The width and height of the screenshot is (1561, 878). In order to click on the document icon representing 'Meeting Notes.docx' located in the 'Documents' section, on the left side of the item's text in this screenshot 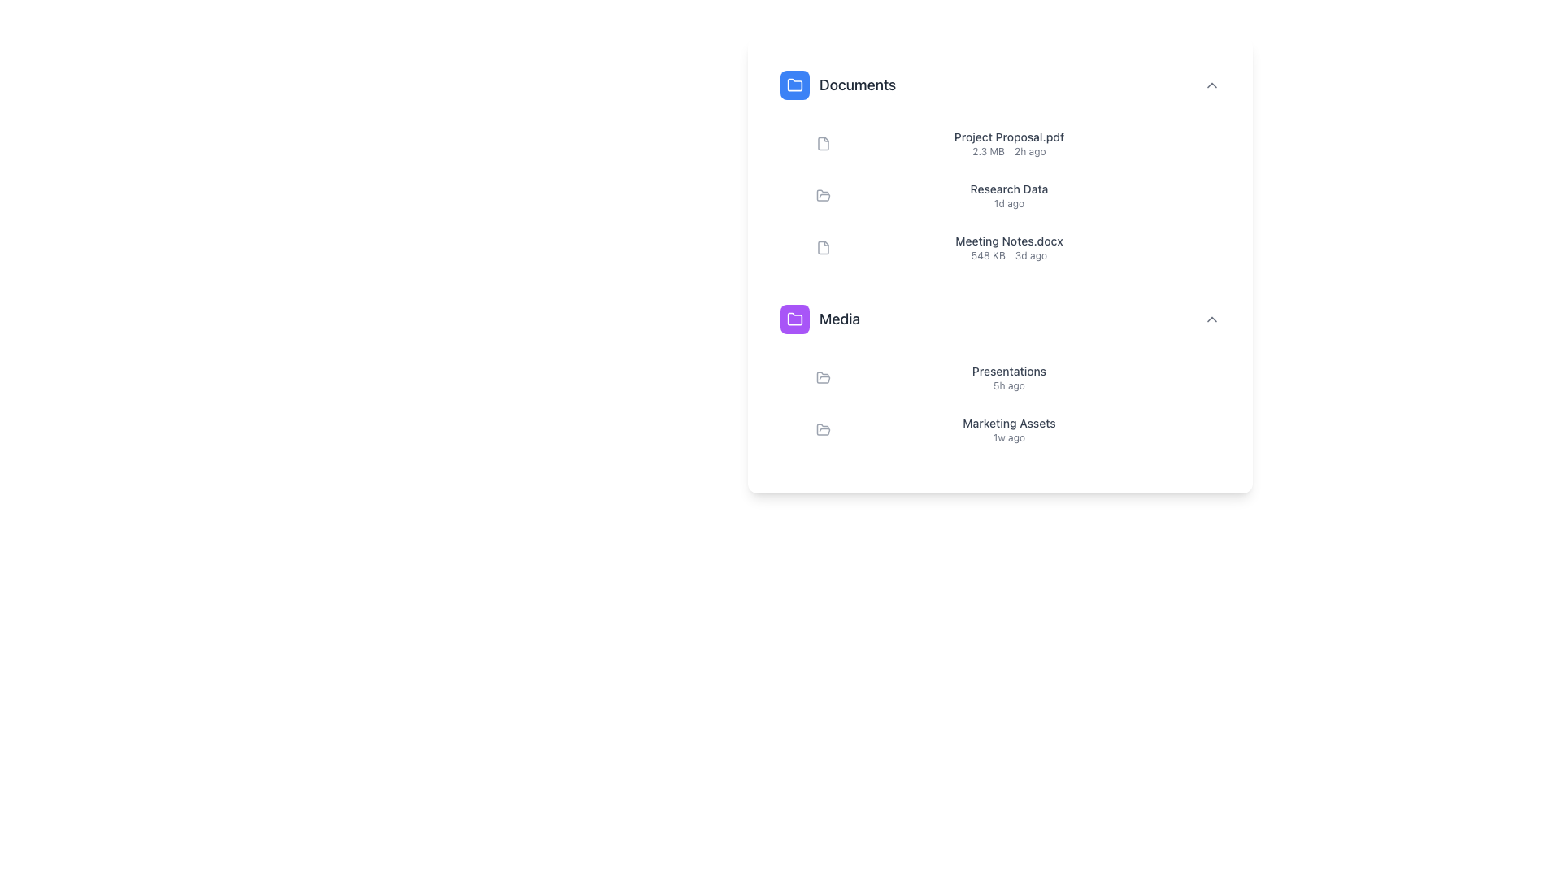, I will do `click(823, 247)`.